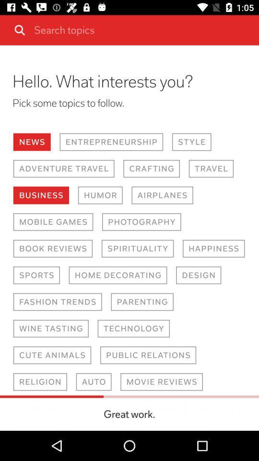 This screenshot has width=259, height=461. I want to click on the button next to entrepreneurship button, so click(191, 141).